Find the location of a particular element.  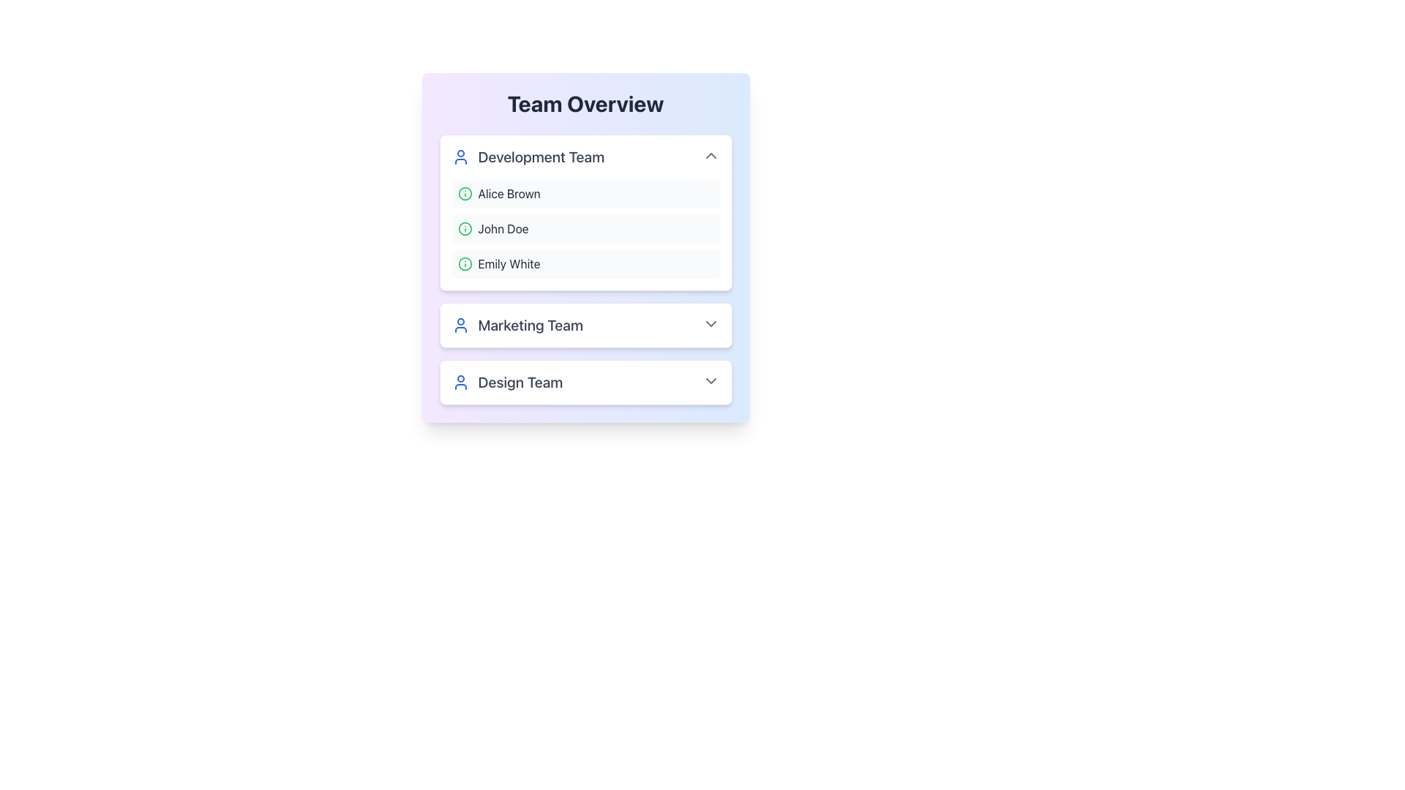

the user silhouette icon styled in blue, located to the left of the 'Marketing Team' header is located at coordinates (460, 324).